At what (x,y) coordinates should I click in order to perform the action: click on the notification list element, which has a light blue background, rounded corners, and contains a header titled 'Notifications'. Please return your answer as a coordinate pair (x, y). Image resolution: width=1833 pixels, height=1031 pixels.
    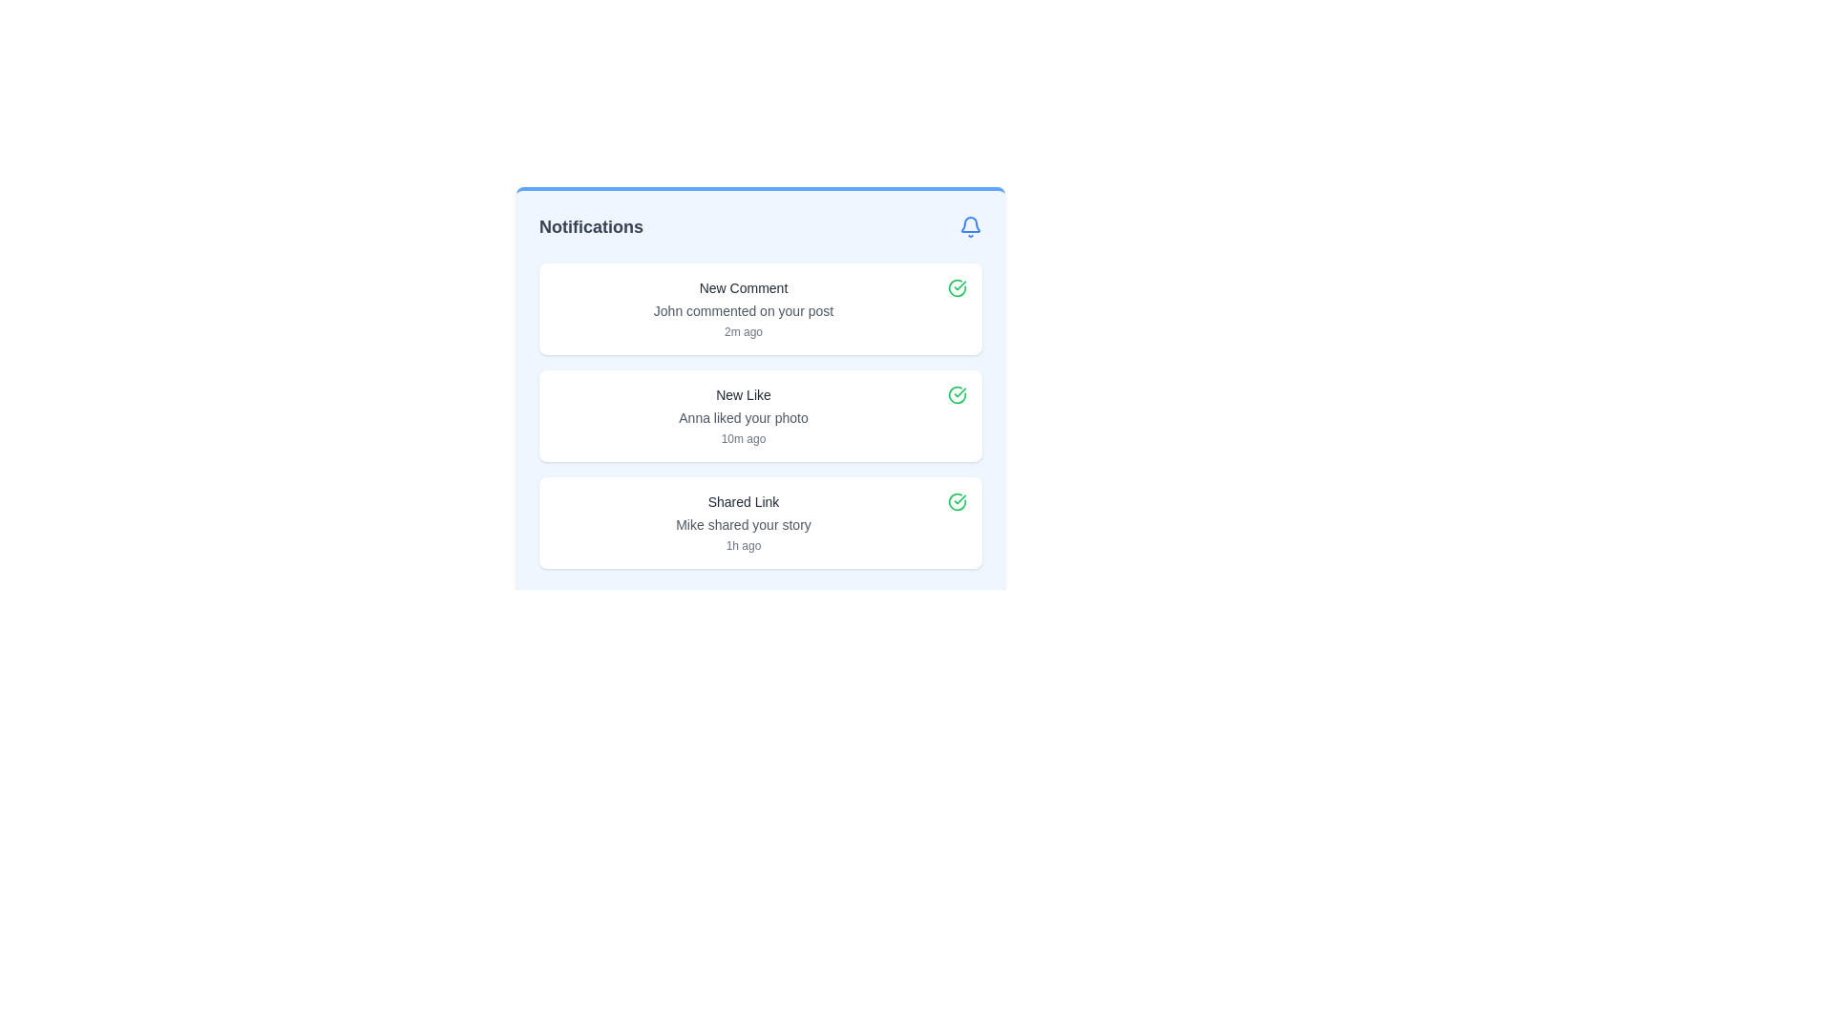
    Looking at the image, I should click on (759, 389).